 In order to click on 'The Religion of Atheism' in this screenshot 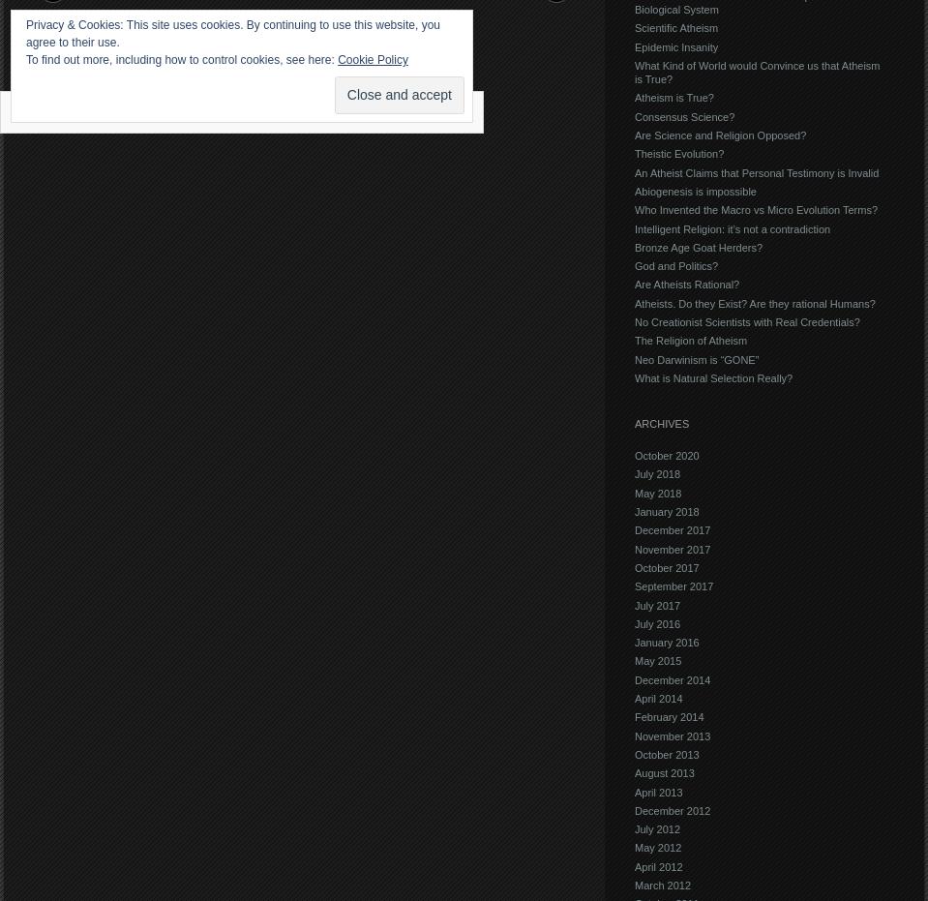, I will do `click(689, 341)`.